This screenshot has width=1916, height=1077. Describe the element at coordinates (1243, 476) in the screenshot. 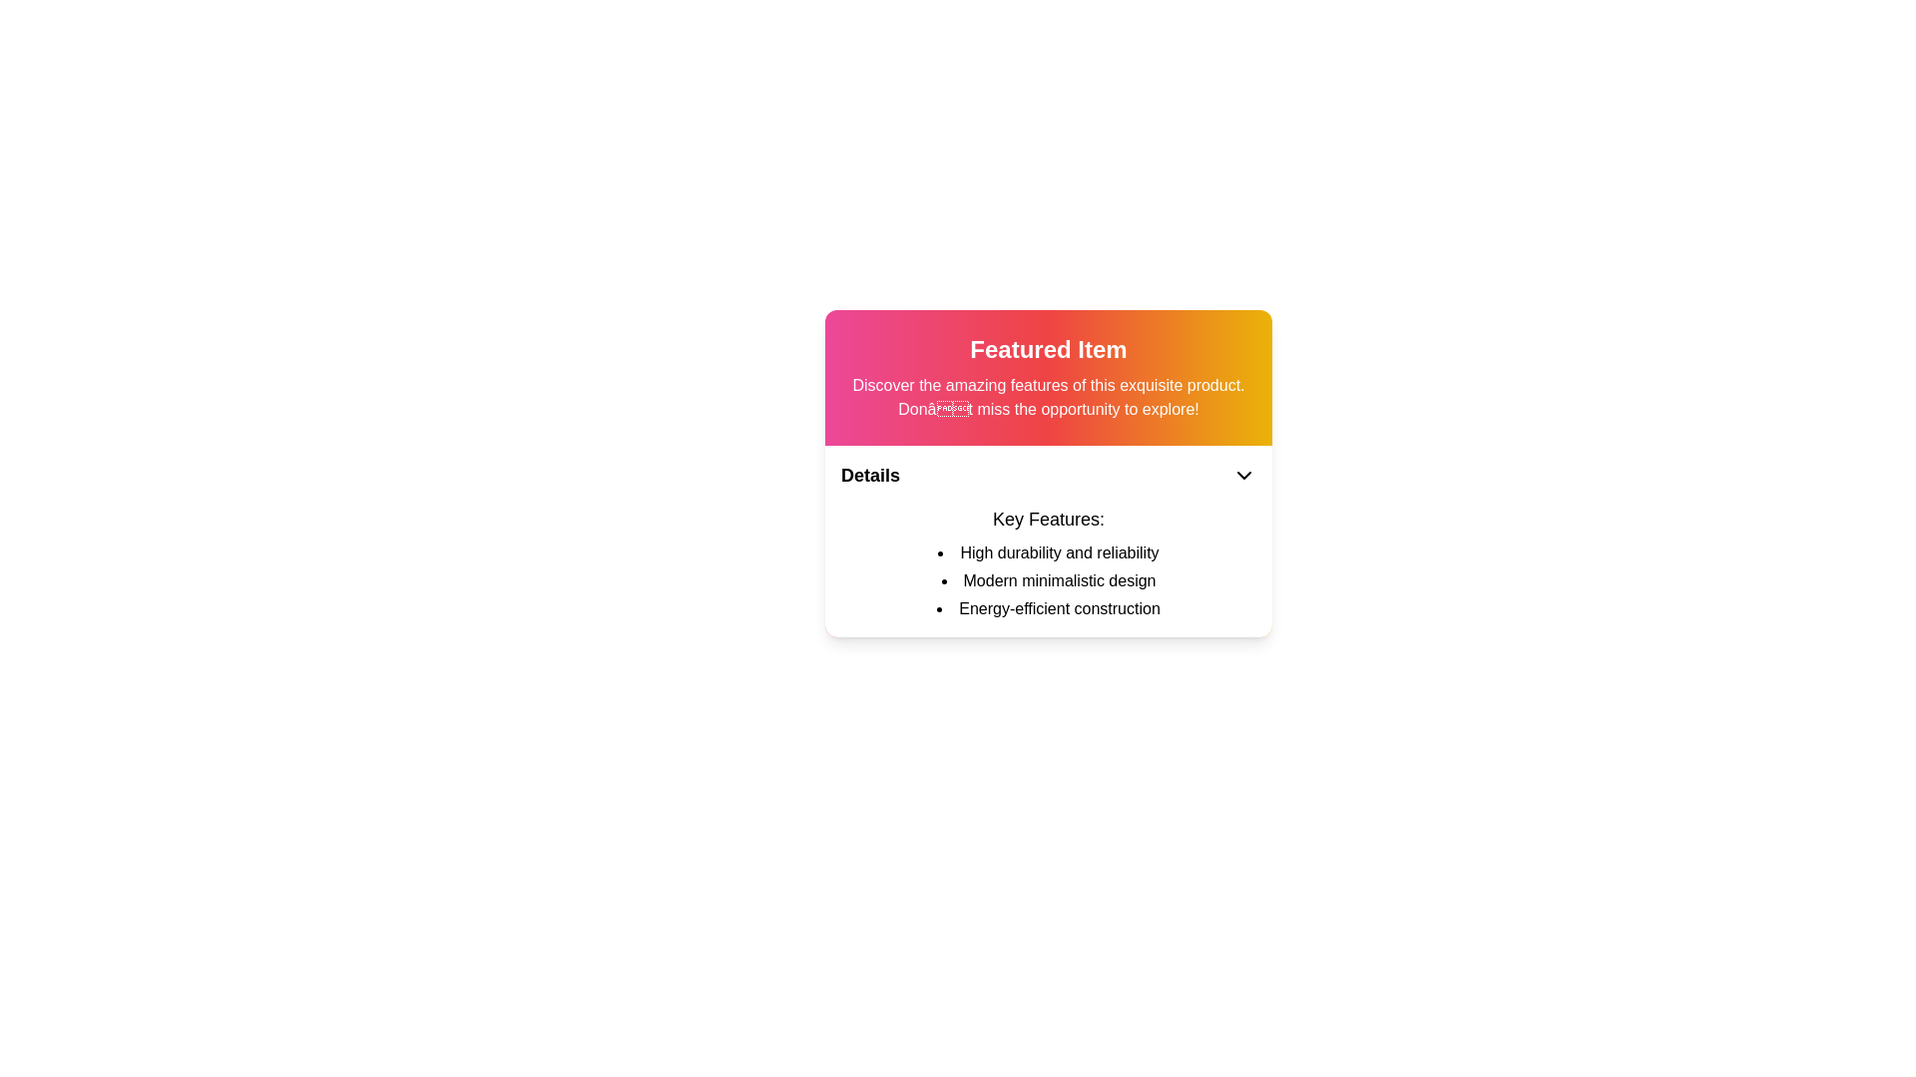

I see `the downward-pointing chevron icon located to the right of the 'Details' text to receive visual feedback` at that location.